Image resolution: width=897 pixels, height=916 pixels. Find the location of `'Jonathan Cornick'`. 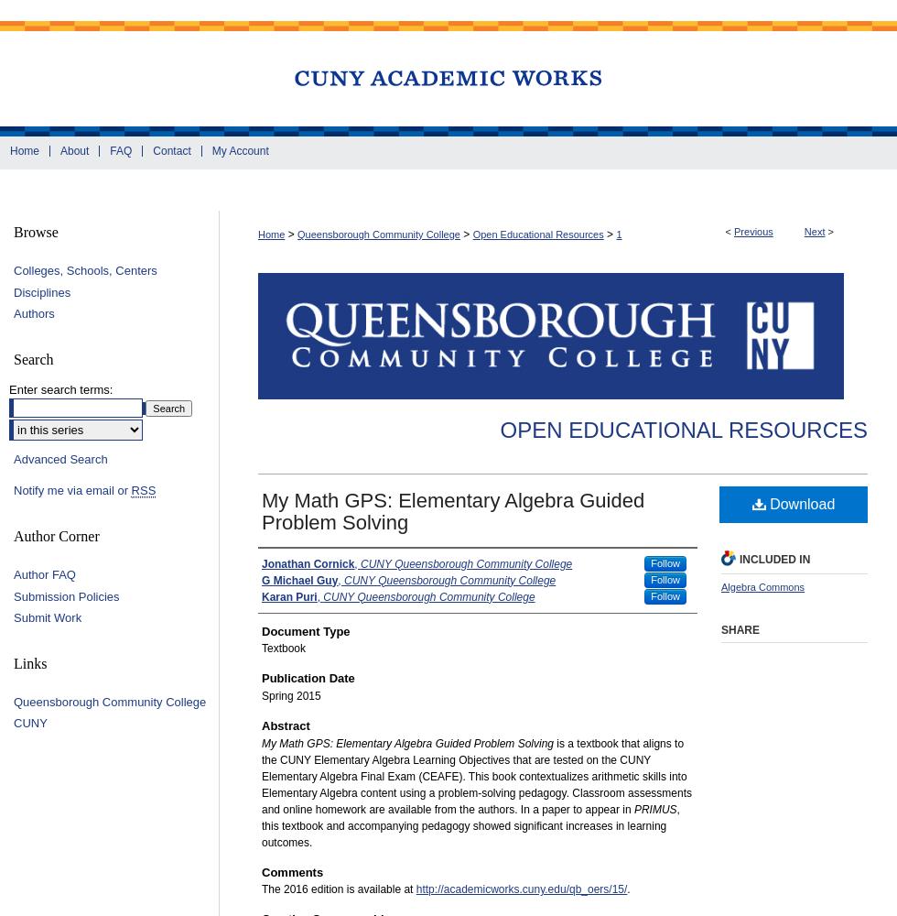

'Jonathan Cornick' is located at coordinates (308, 562).